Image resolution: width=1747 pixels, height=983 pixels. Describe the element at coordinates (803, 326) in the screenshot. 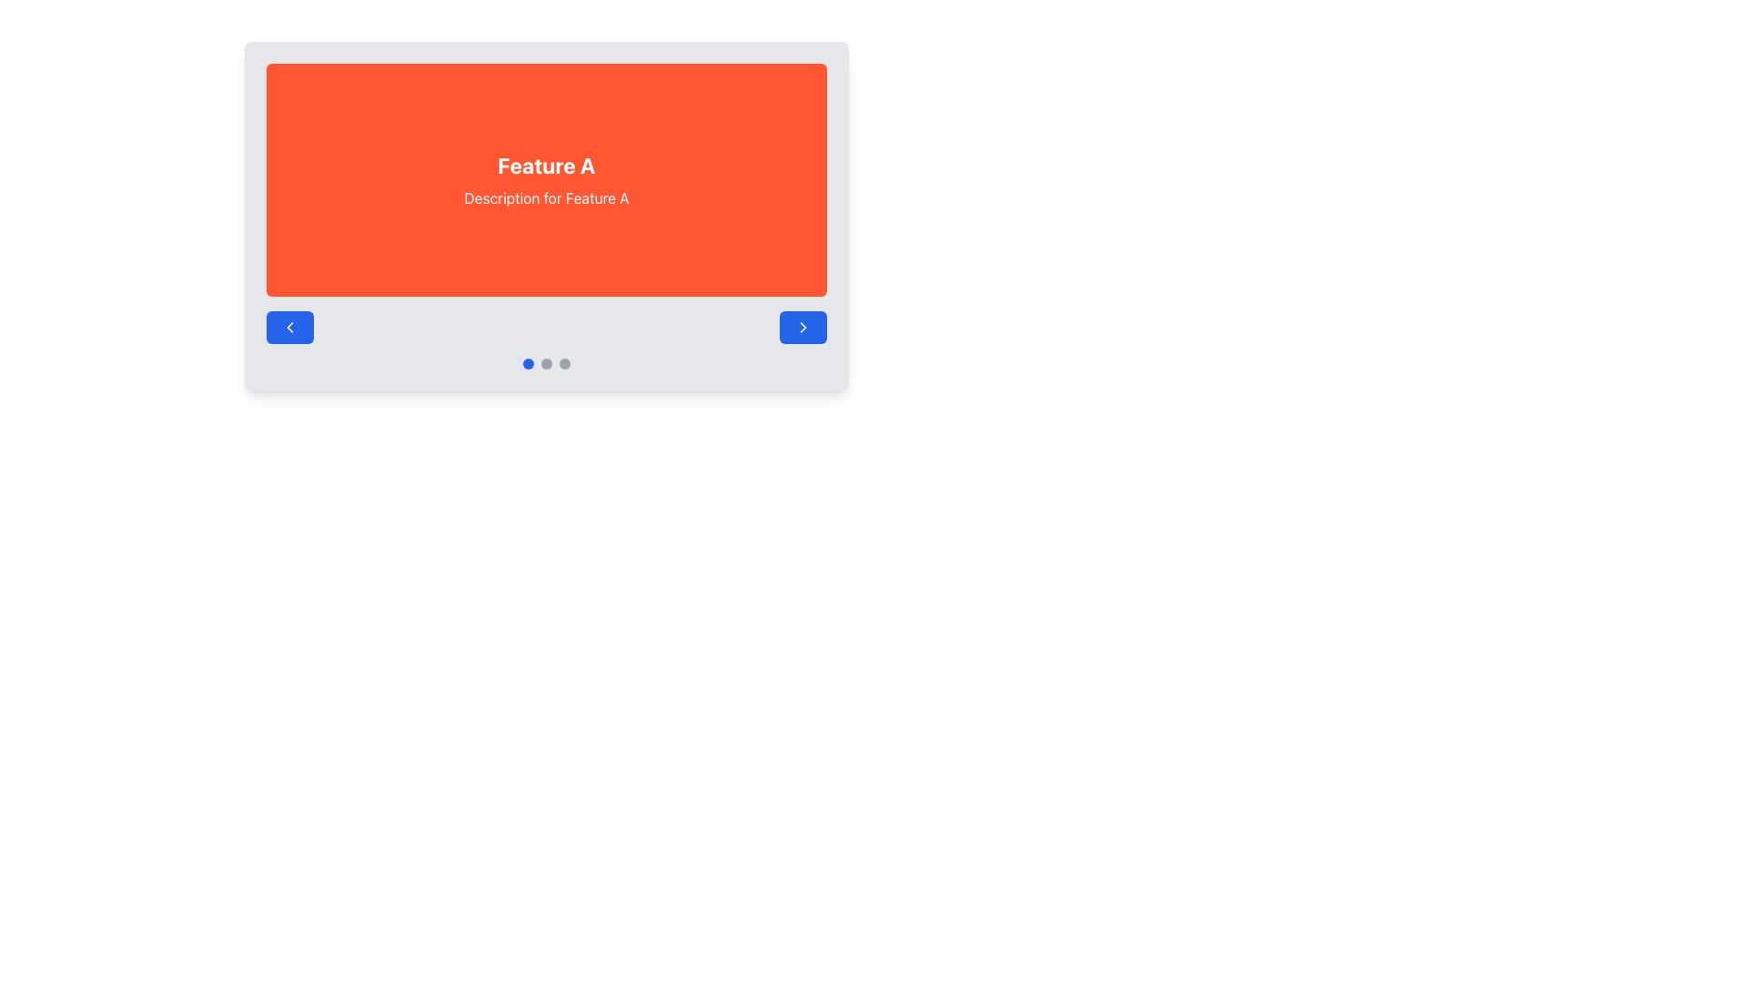

I see `the right-facing arrow icon within the blue circular button located at the bottom-right corner of the panel to observe its hover effect` at that location.